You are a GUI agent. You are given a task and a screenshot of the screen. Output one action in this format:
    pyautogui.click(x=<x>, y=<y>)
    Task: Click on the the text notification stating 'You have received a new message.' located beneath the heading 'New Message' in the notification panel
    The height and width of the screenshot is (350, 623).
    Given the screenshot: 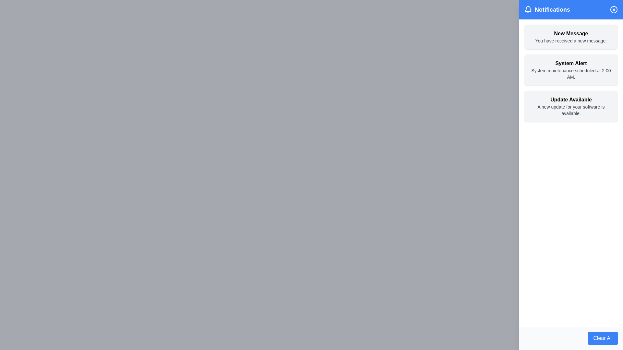 What is the action you would take?
    pyautogui.click(x=571, y=41)
    